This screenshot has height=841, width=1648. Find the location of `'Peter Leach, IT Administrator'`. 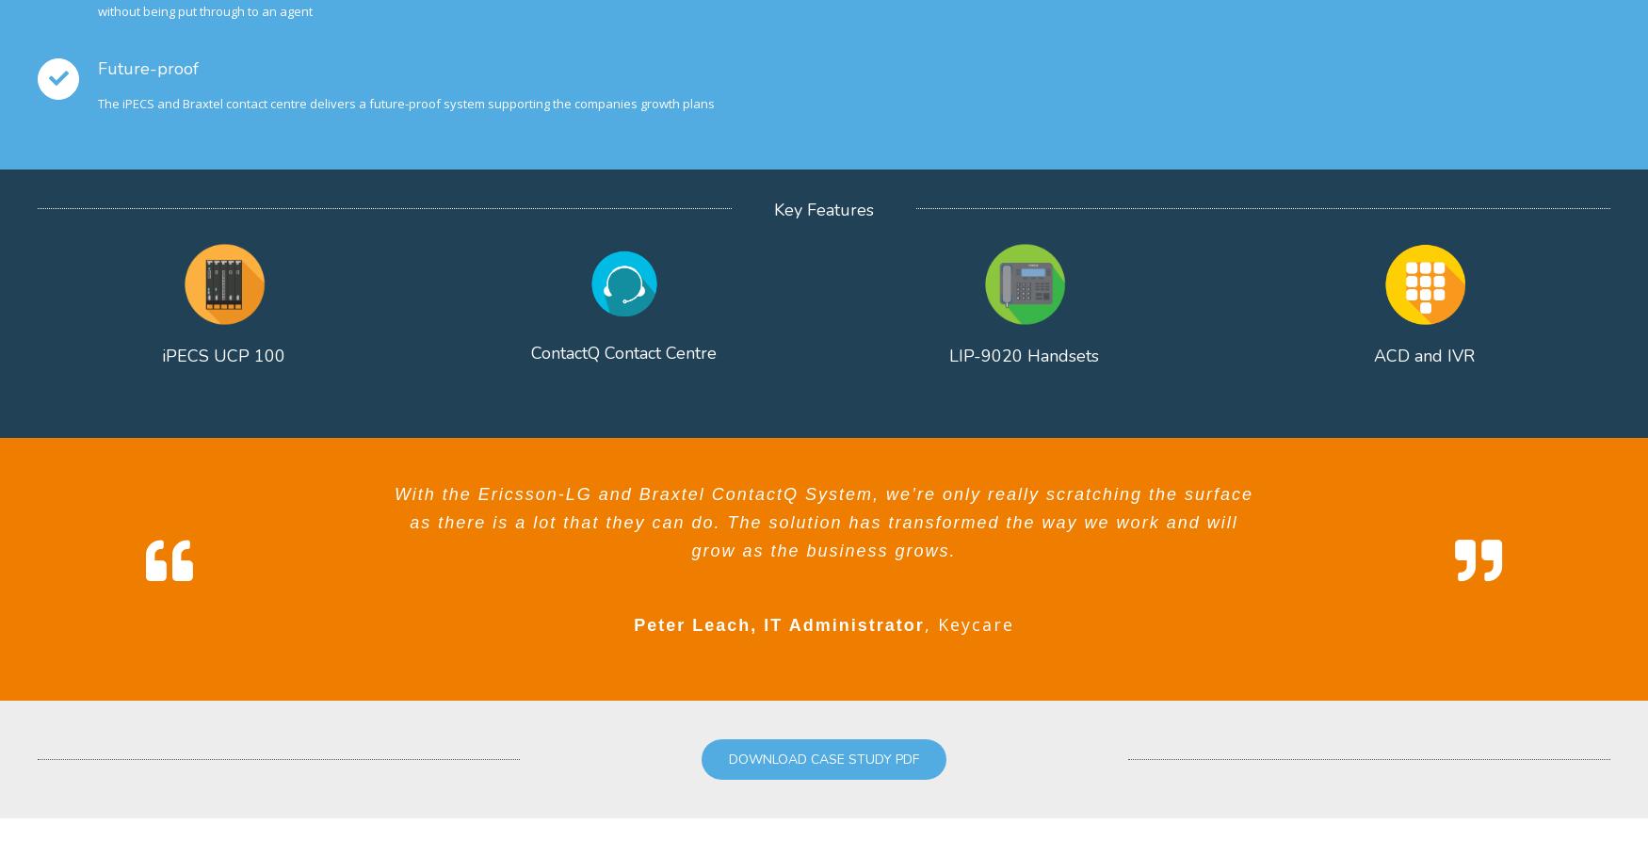

'Peter Leach, IT Administrator' is located at coordinates (779, 625).